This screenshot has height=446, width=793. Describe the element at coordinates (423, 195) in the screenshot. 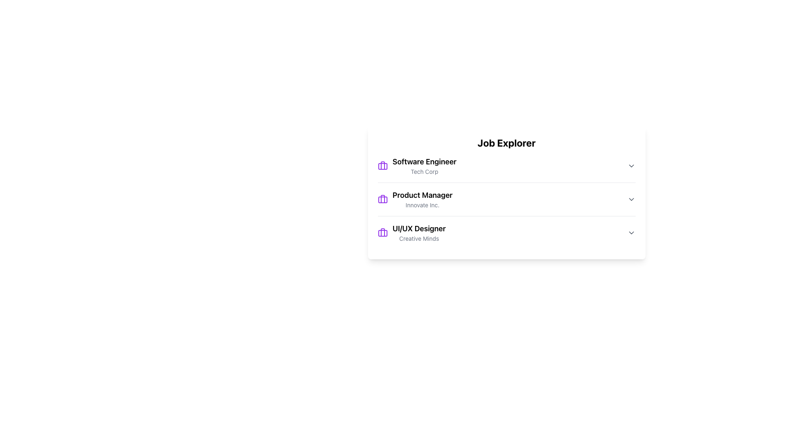

I see `text label representing the job title 'Product Manager', located in the middle of a job listing interface, above the company name 'Innovate Inc.'` at that location.